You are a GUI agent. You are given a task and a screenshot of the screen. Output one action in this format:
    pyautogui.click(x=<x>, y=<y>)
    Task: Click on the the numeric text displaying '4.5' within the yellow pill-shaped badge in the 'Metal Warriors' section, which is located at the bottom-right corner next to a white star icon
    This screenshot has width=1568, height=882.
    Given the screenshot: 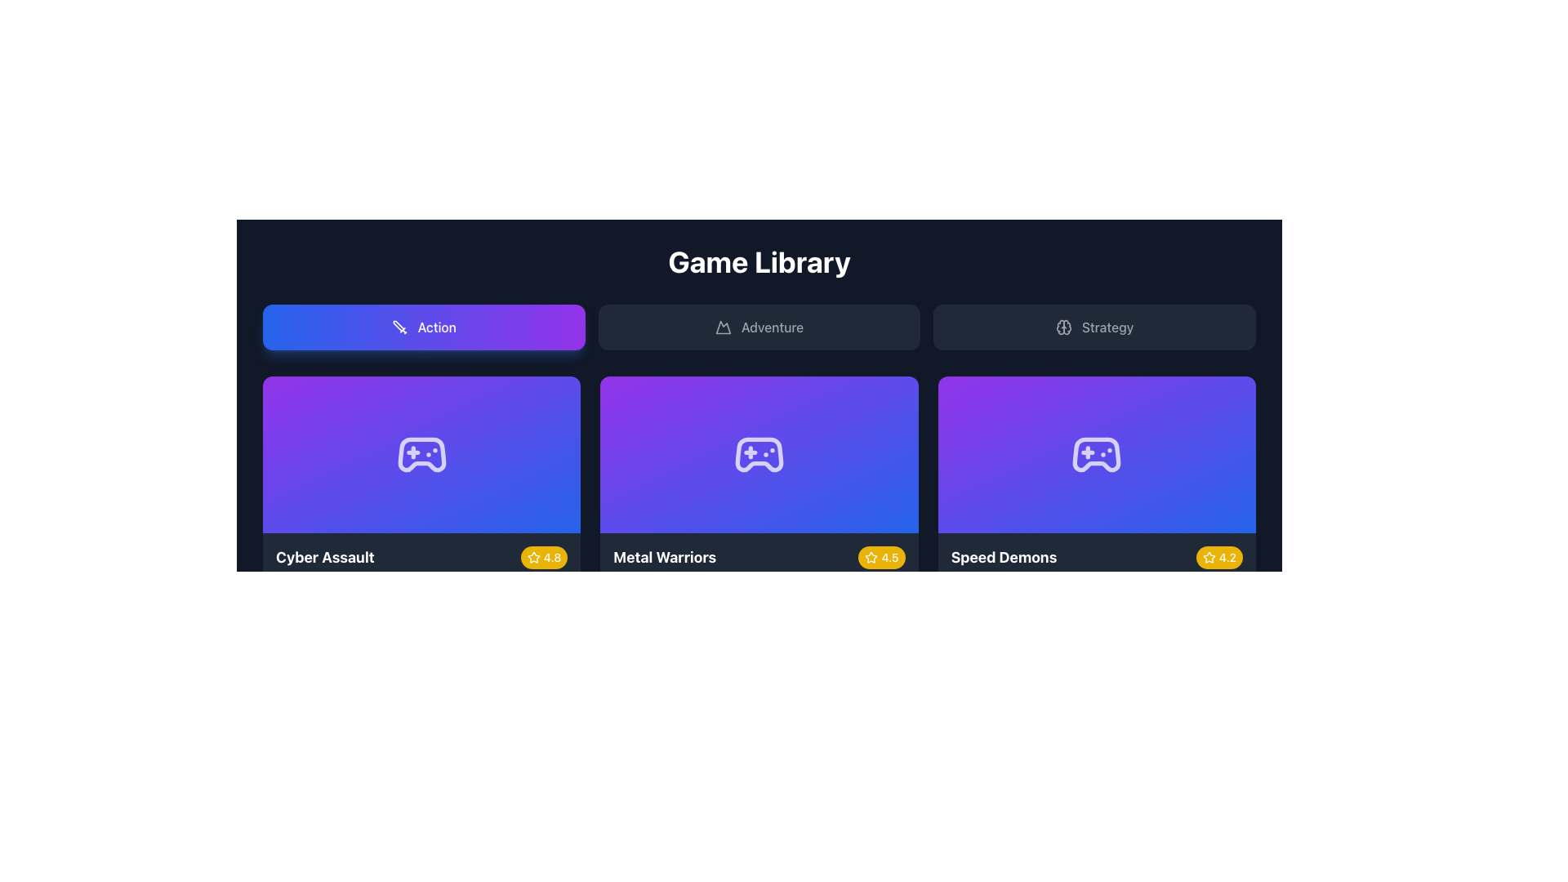 What is the action you would take?
    pyautogui.click(x=889, y=556)
    